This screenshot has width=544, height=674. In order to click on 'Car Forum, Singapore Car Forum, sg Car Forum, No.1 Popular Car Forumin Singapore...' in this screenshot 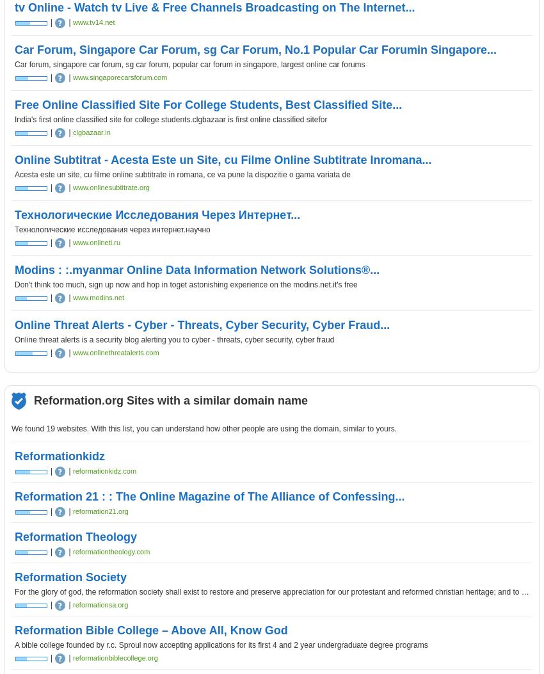, I will do `click(255, 49)`.